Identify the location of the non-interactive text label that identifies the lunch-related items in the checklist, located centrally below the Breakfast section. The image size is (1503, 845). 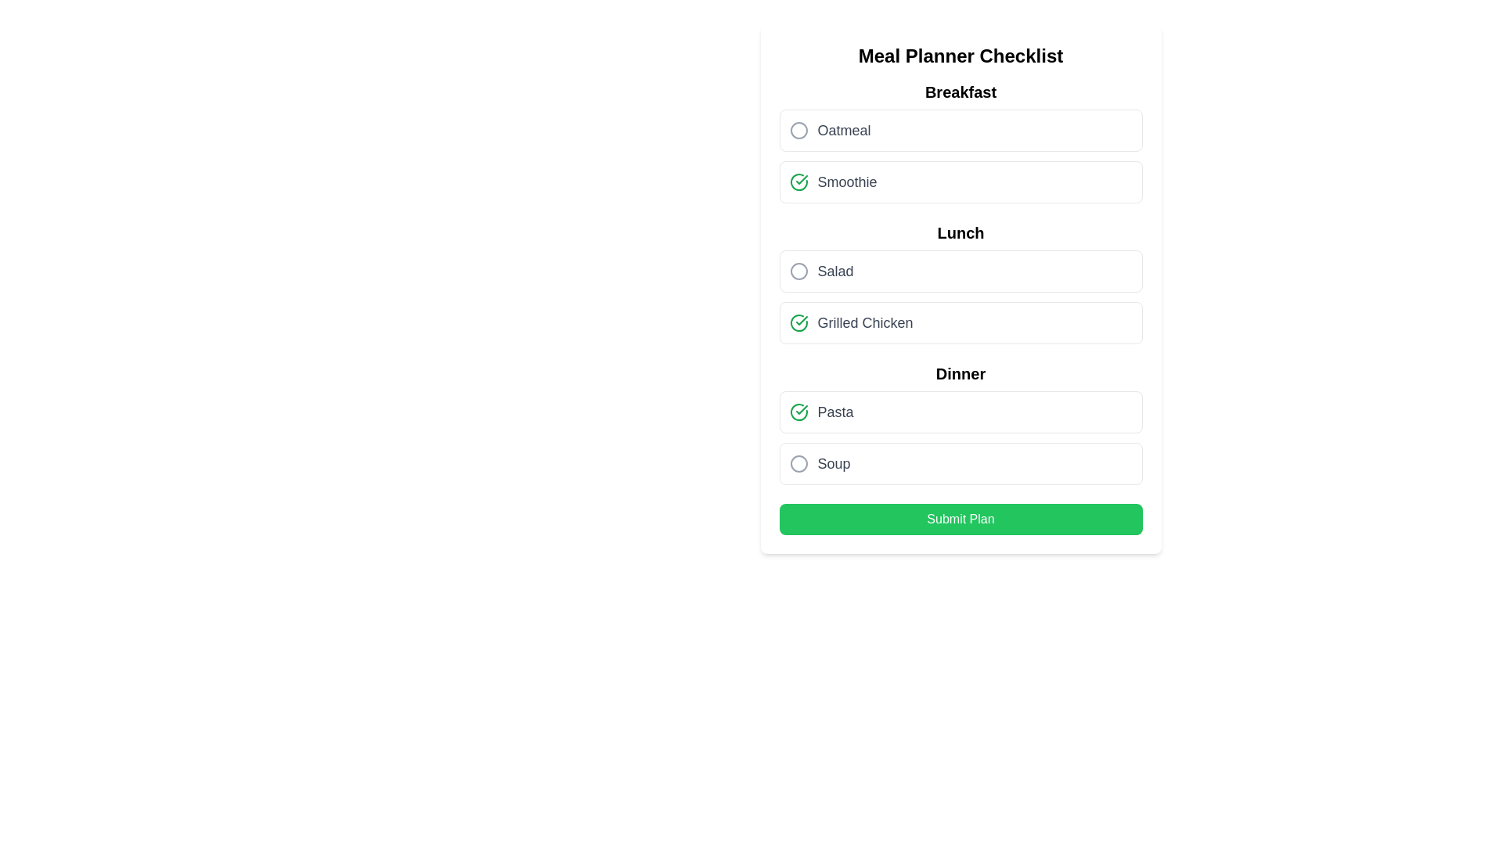
(960, 232).